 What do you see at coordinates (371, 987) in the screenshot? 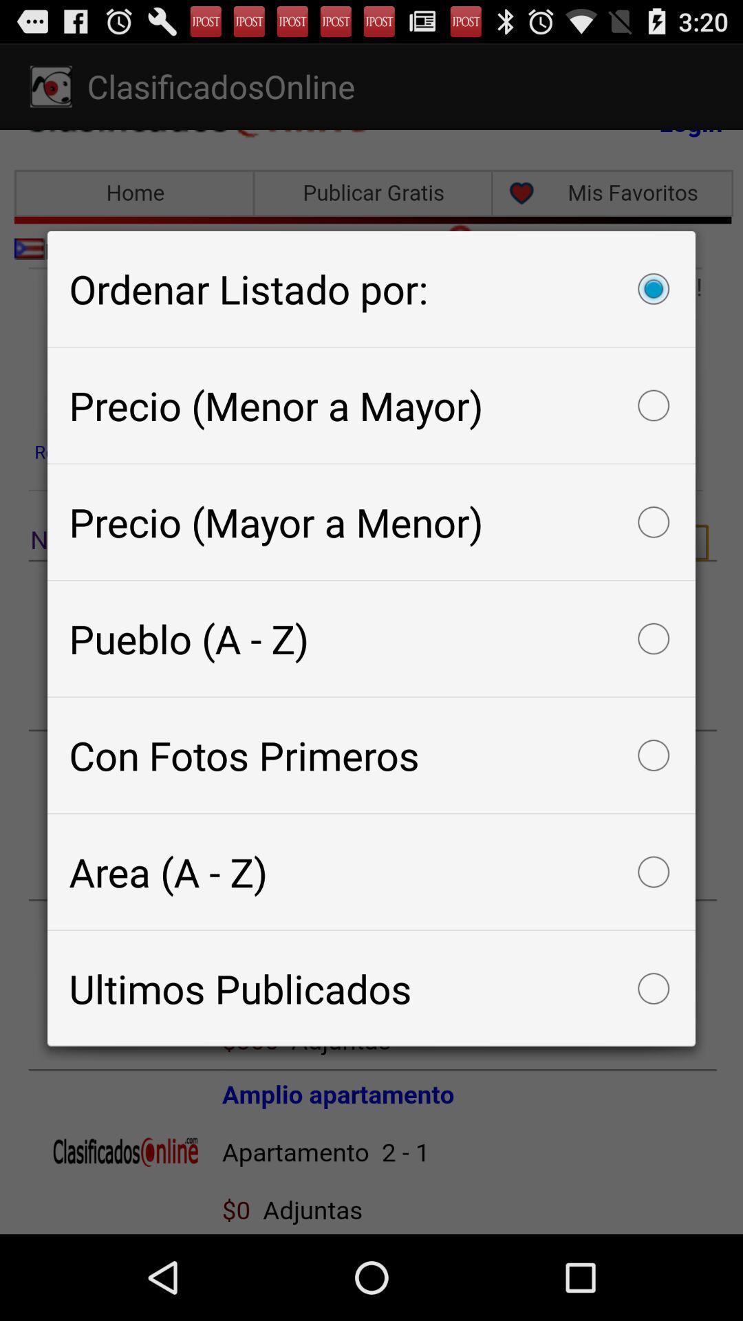
I see `ultimos publicados` at bounding box center [371, 987].